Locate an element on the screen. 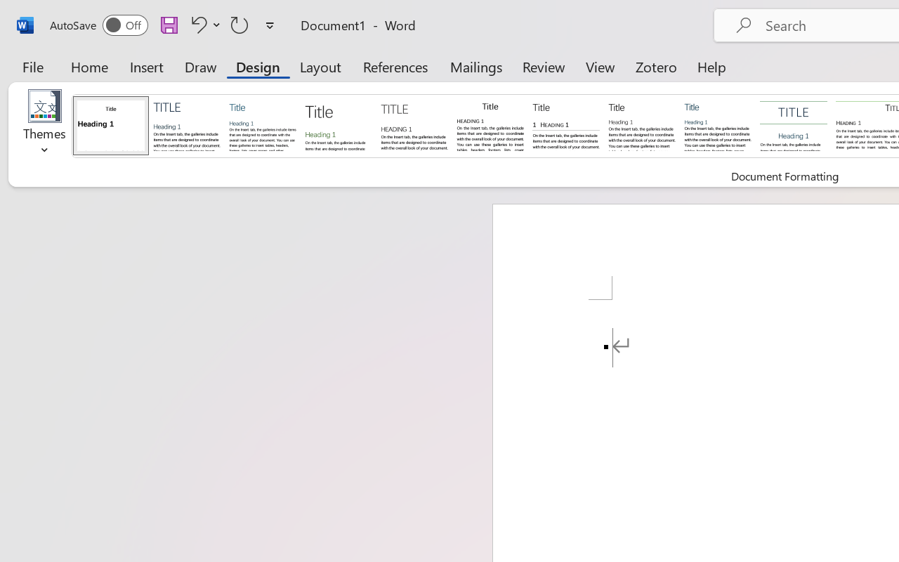 The image size is (899, 562). 'Basic (Elegant)' is located at coordinates (186, 124).